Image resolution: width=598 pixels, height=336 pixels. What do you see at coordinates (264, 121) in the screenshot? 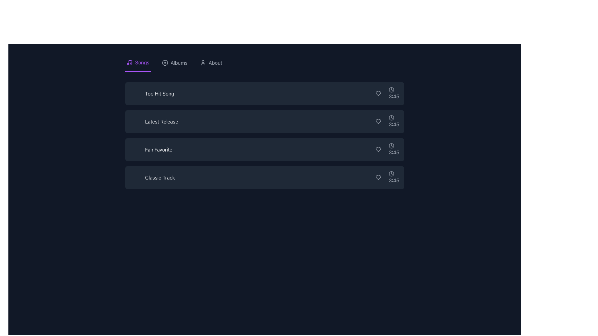
I see `the interactive list item representing the song titled 'Latest Release'` at bounding box center [264, 121].